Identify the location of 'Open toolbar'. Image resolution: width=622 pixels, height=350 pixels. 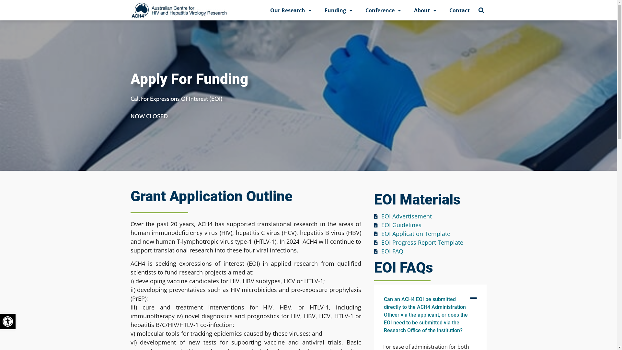
(0, 321).